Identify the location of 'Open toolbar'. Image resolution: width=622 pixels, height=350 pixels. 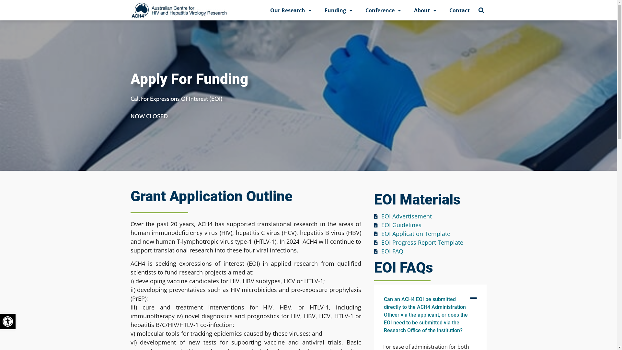
(0, 321).